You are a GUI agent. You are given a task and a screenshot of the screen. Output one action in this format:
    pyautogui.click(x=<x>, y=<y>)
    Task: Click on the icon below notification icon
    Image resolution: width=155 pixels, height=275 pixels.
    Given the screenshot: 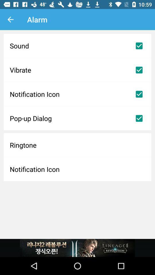 What is the action you would take?
    pyautogui.click(x=77, y=118)
    